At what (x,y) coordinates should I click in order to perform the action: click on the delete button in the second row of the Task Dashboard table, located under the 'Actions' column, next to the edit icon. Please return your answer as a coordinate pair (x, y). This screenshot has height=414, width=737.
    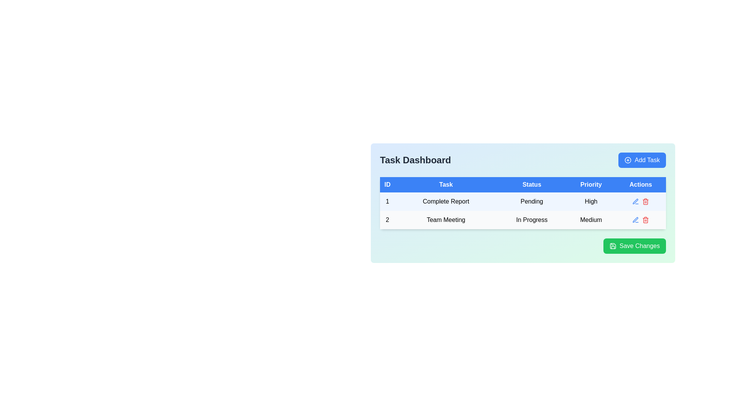
    Looking at the image, I should click on (645, 201).